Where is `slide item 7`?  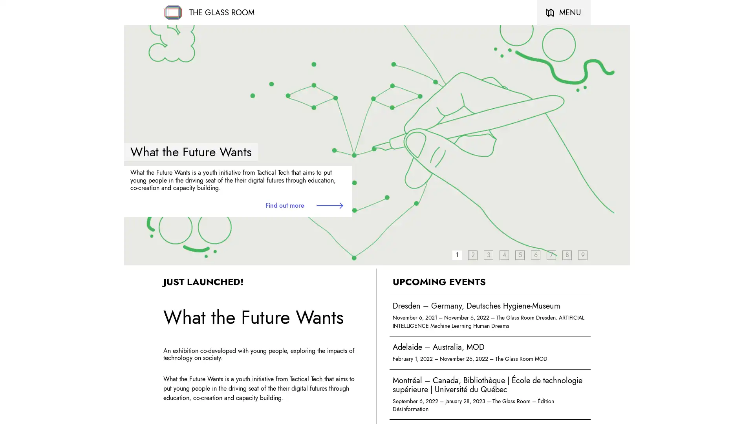 slide item 7 is located at coordinates (551, 254).